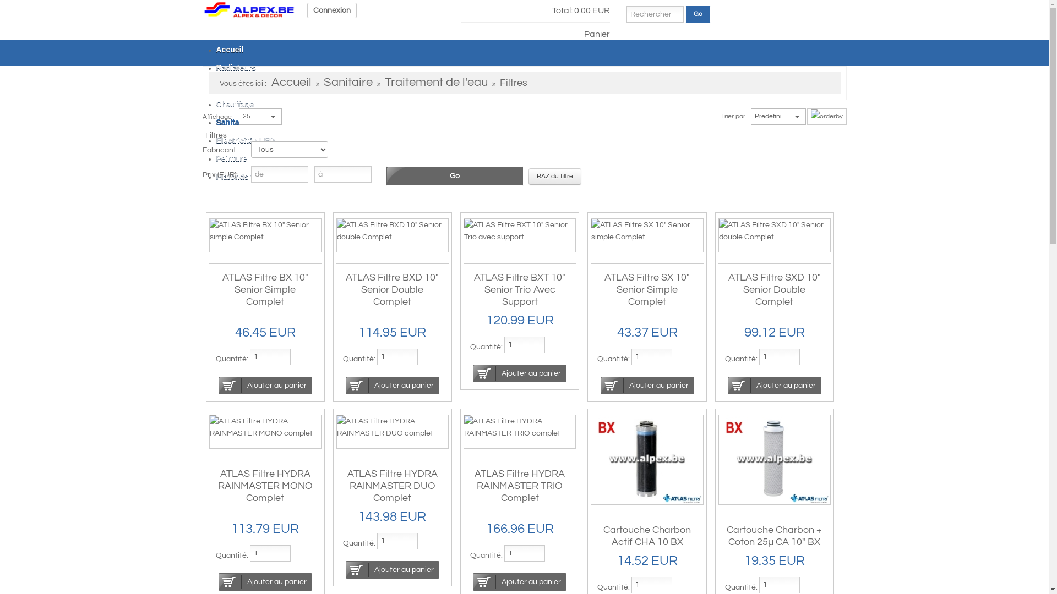  What do you see at coordinates (216, 175) in the screenshot?
I see `'Plafonds tendus'` at bounding box center [216, 175].